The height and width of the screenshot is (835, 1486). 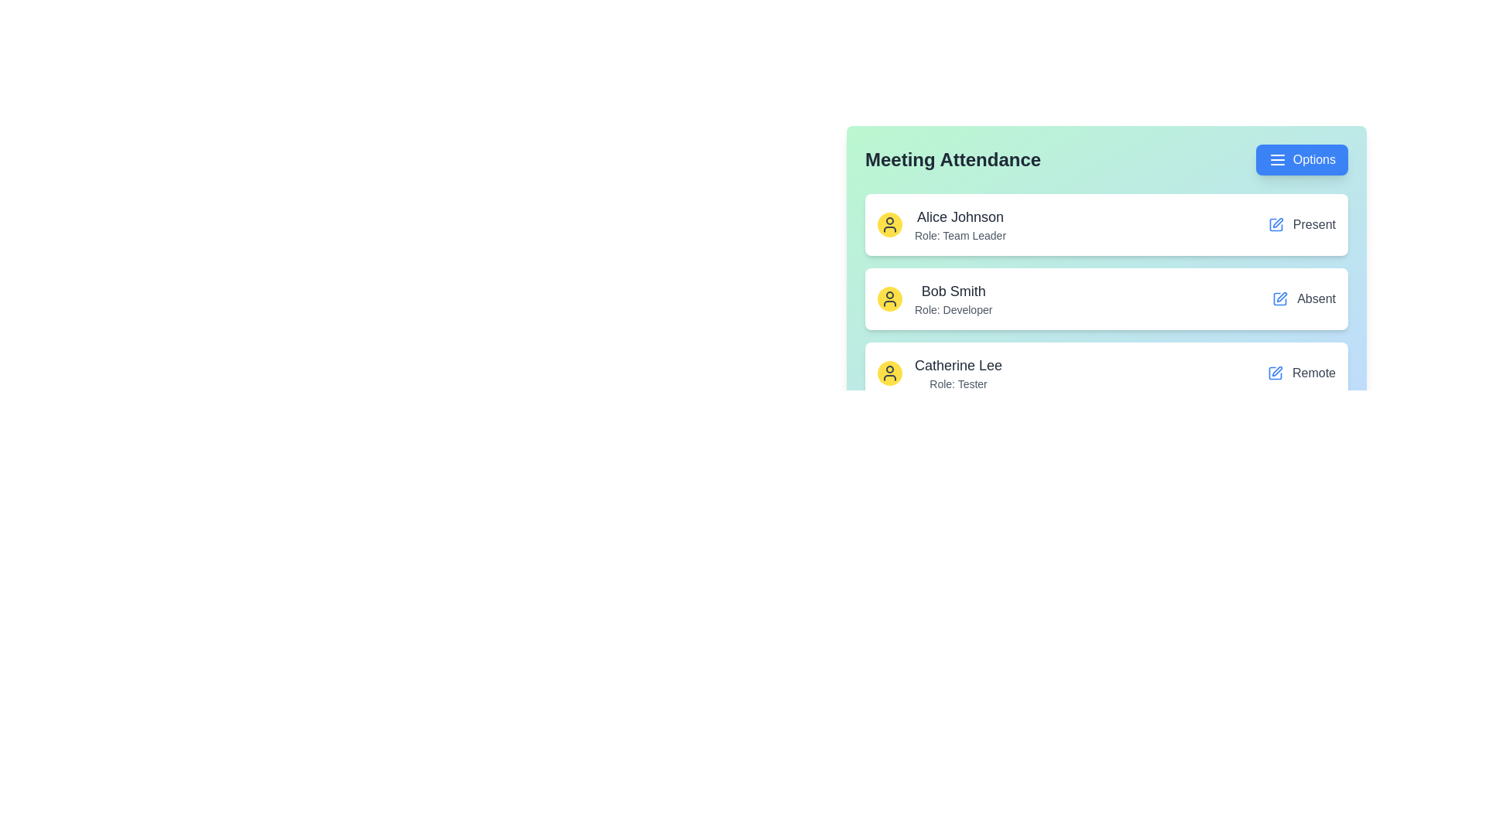 What do you see at coordinates (1277, 371) in the screenshot?
I see `the edit button located at the right edge of the second row next to 'Absent' and 'Bob Smith'` at bounding box center [1277, 371].